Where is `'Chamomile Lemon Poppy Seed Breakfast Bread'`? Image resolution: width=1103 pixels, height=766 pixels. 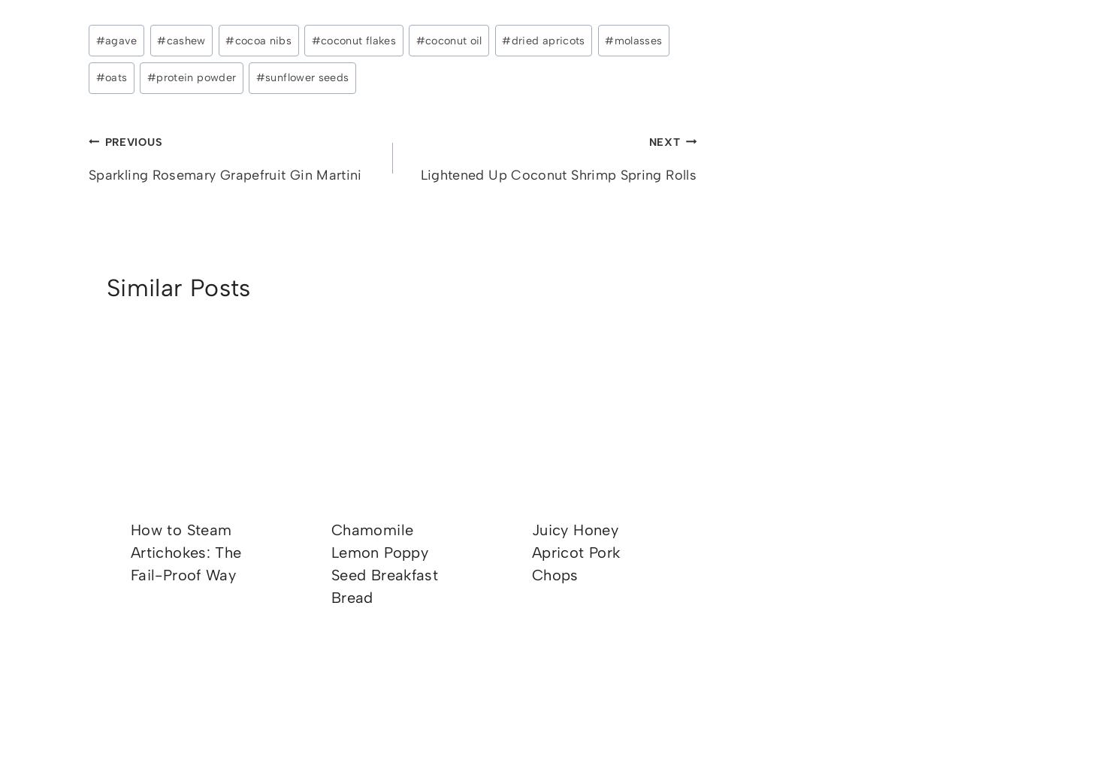
'Chamomile Lemon Poppy Seed Breakfast Bread' is located at coordinates (331, 562).